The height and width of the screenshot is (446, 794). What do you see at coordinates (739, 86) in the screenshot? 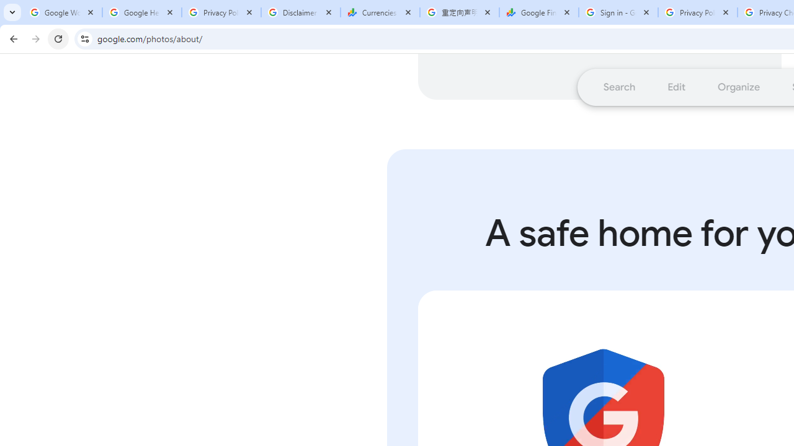
I see `'Go to section: Organize'` at bounding box center [739, 86].